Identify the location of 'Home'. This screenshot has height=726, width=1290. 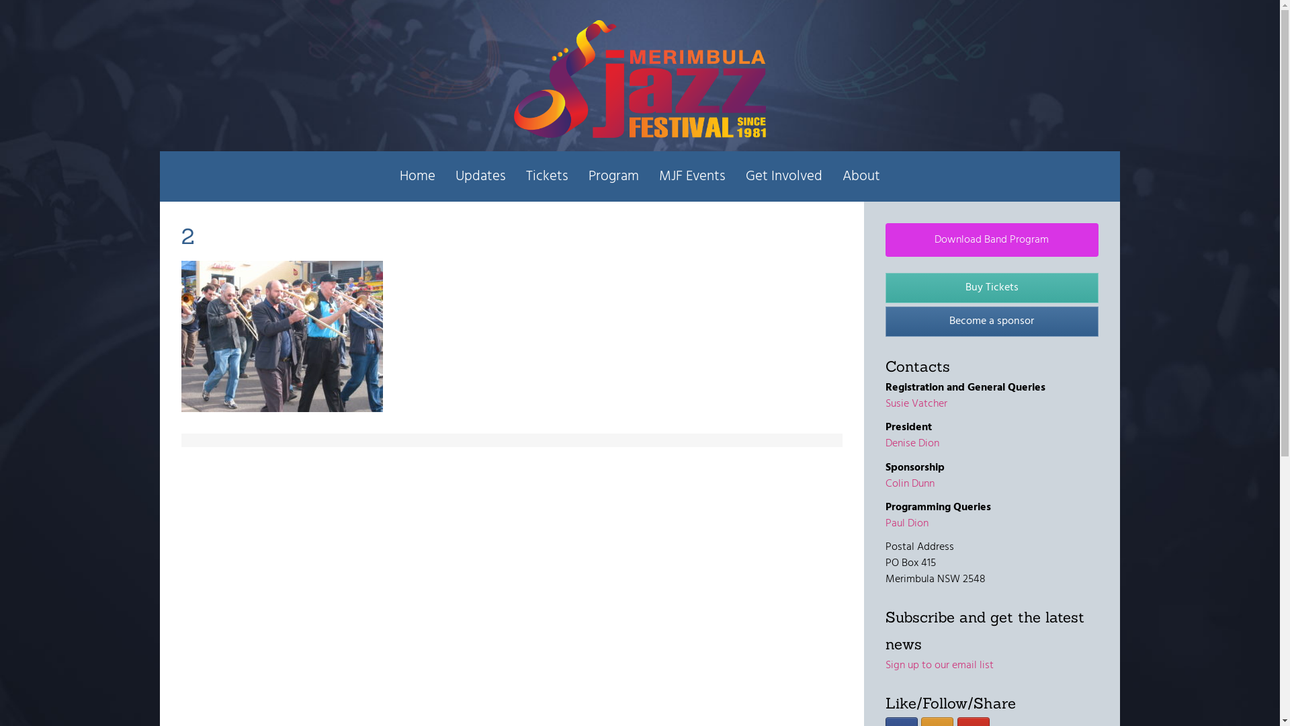
(417, 175).